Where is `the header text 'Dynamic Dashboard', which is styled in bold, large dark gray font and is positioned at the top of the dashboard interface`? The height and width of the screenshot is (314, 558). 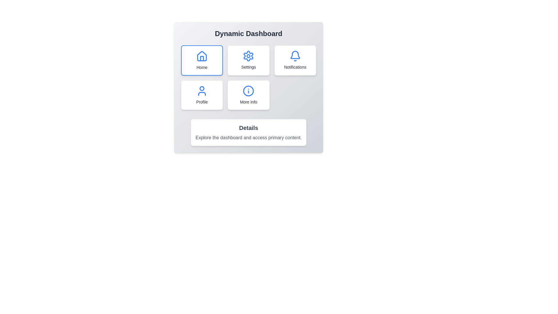
the header text 'Dynamic Dashboard', which is styled in bold, large dark gray font and is positioned at the top of the dashboard interface is located at coordinates (248, 33).